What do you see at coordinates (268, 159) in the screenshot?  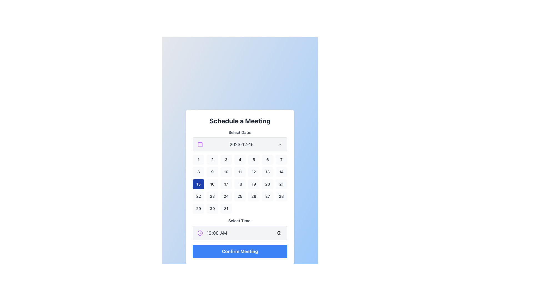 I see `the interactive date selector button located in the top row of the calendar, specifically the 6th button` at bounding box center [268, 159].